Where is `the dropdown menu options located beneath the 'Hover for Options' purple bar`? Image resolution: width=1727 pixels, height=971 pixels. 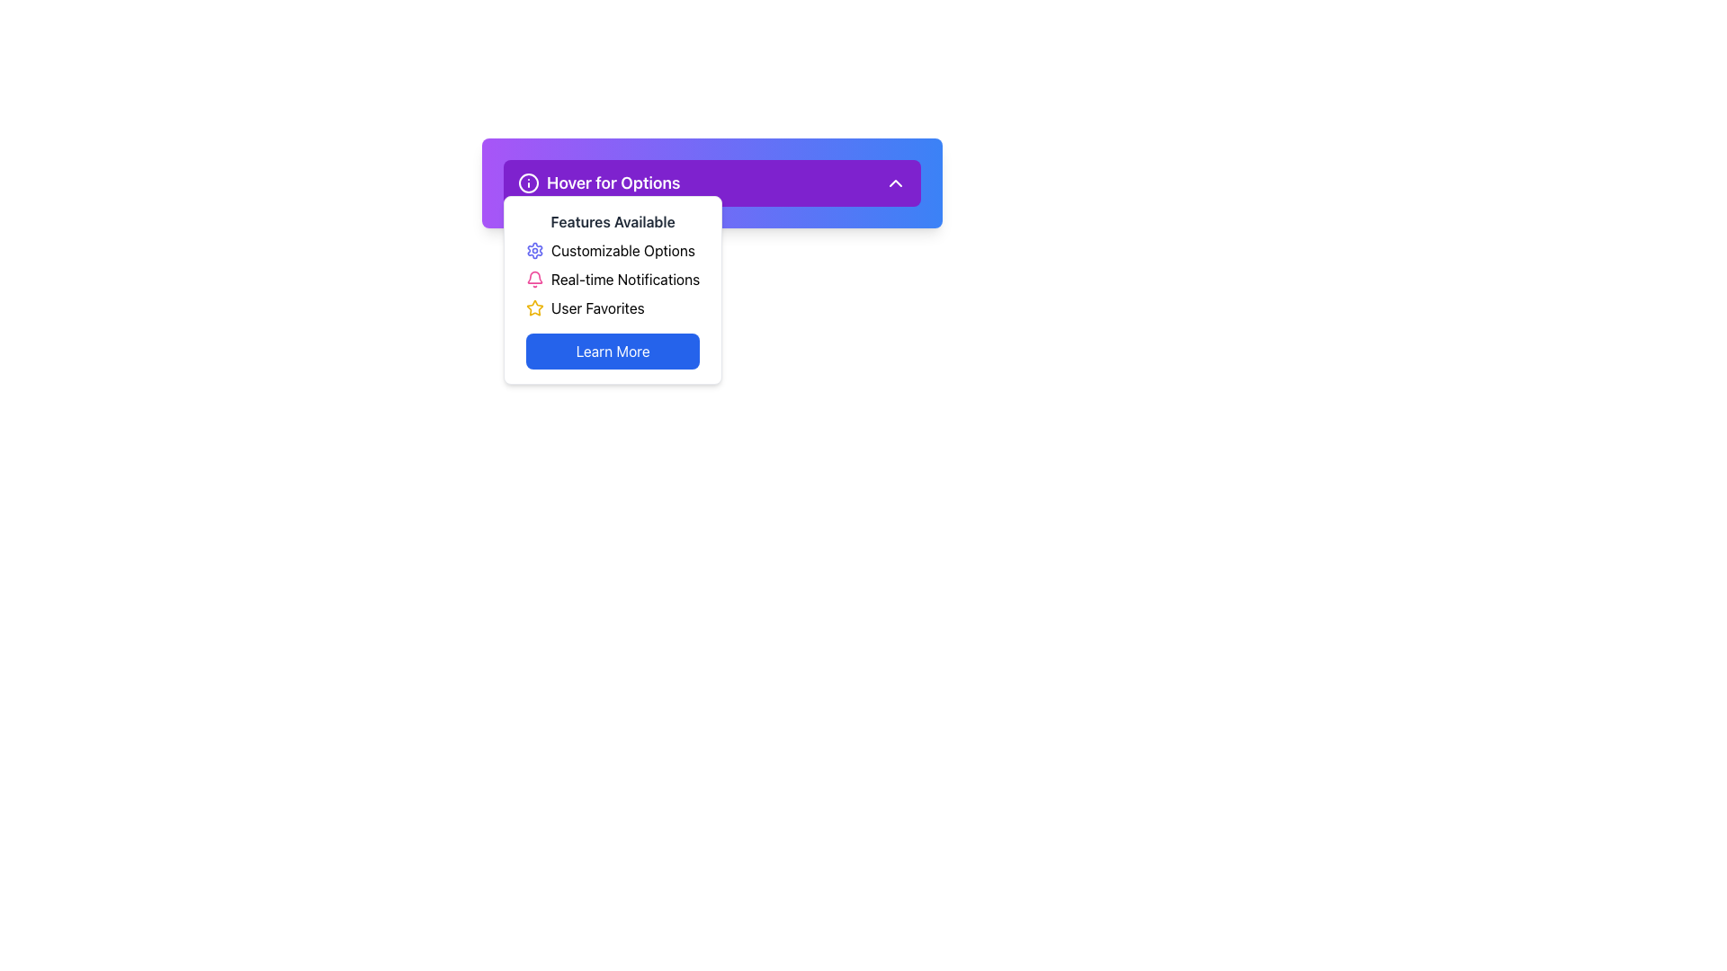 the dropdown menu options located beneath the 'Hover for Options' purple bar is located at coordinates (613, 290).